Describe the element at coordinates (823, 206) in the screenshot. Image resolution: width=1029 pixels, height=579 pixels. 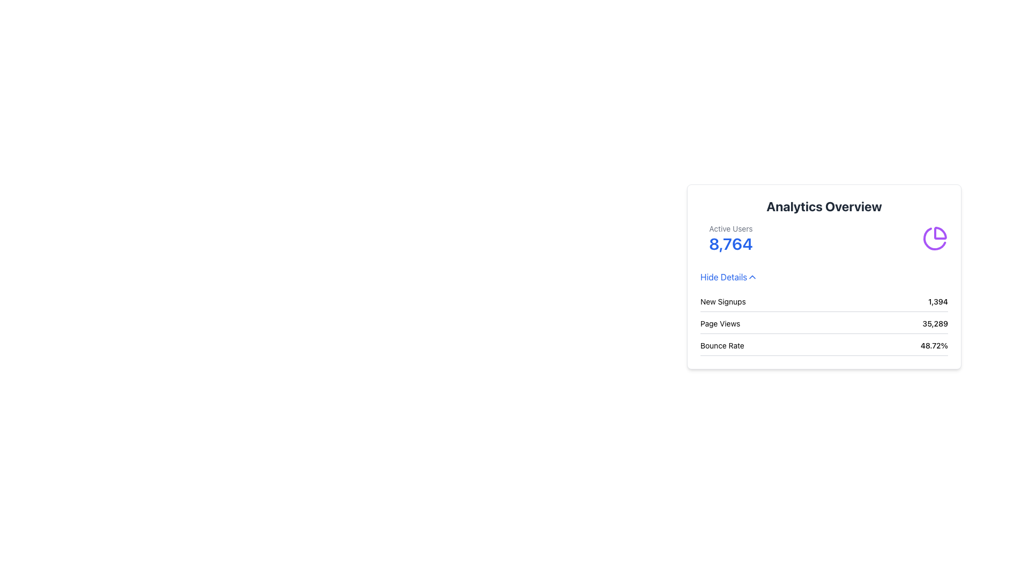
I see `title of the 'Analytics Overview' section, which is displayed prominently at the top of the white, rounded card panel` at that location.